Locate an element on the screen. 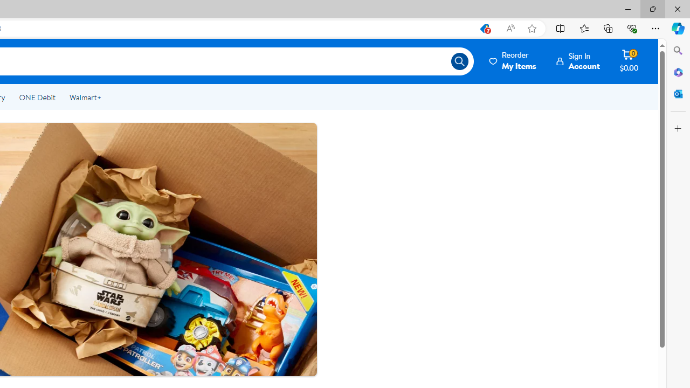  'Sign InAccount' is located at coordinates (578, 61).